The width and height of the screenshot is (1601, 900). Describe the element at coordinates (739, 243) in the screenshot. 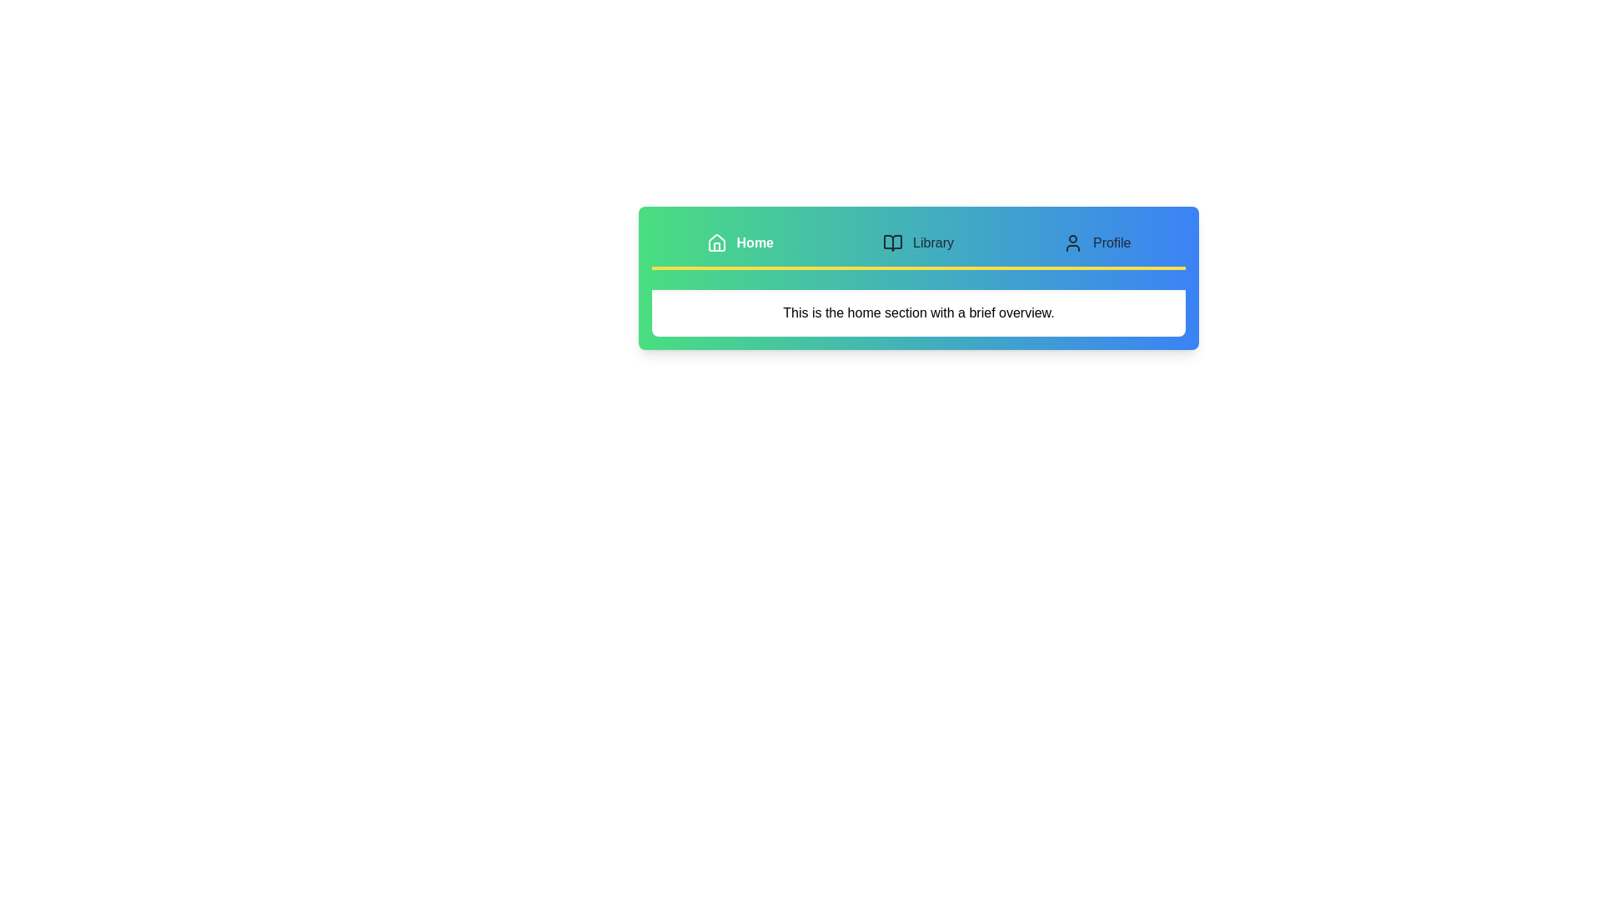

I see `the Home tab to view its content` at that location.